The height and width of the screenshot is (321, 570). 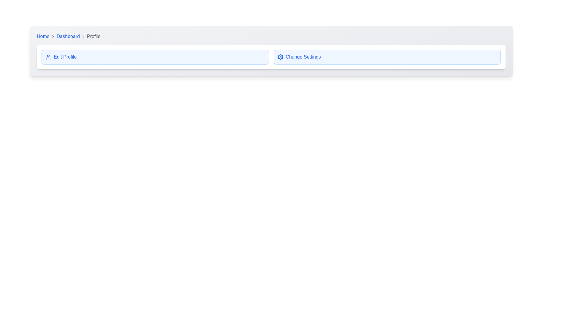 I want to click on the breadcrumb navigation link that allows users, so click(x=46, y=37).